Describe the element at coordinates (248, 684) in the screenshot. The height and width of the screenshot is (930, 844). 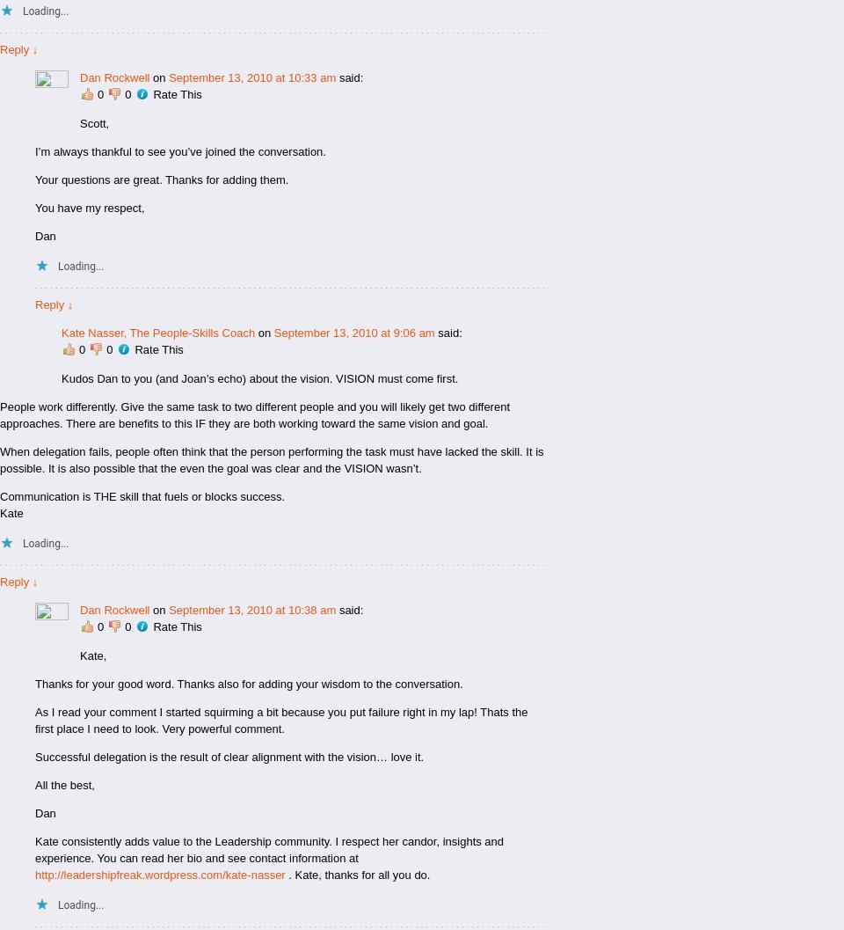
I see `'Thanks for your good word. Thanks also for adding your wisdom to the conversation.'` at that location.